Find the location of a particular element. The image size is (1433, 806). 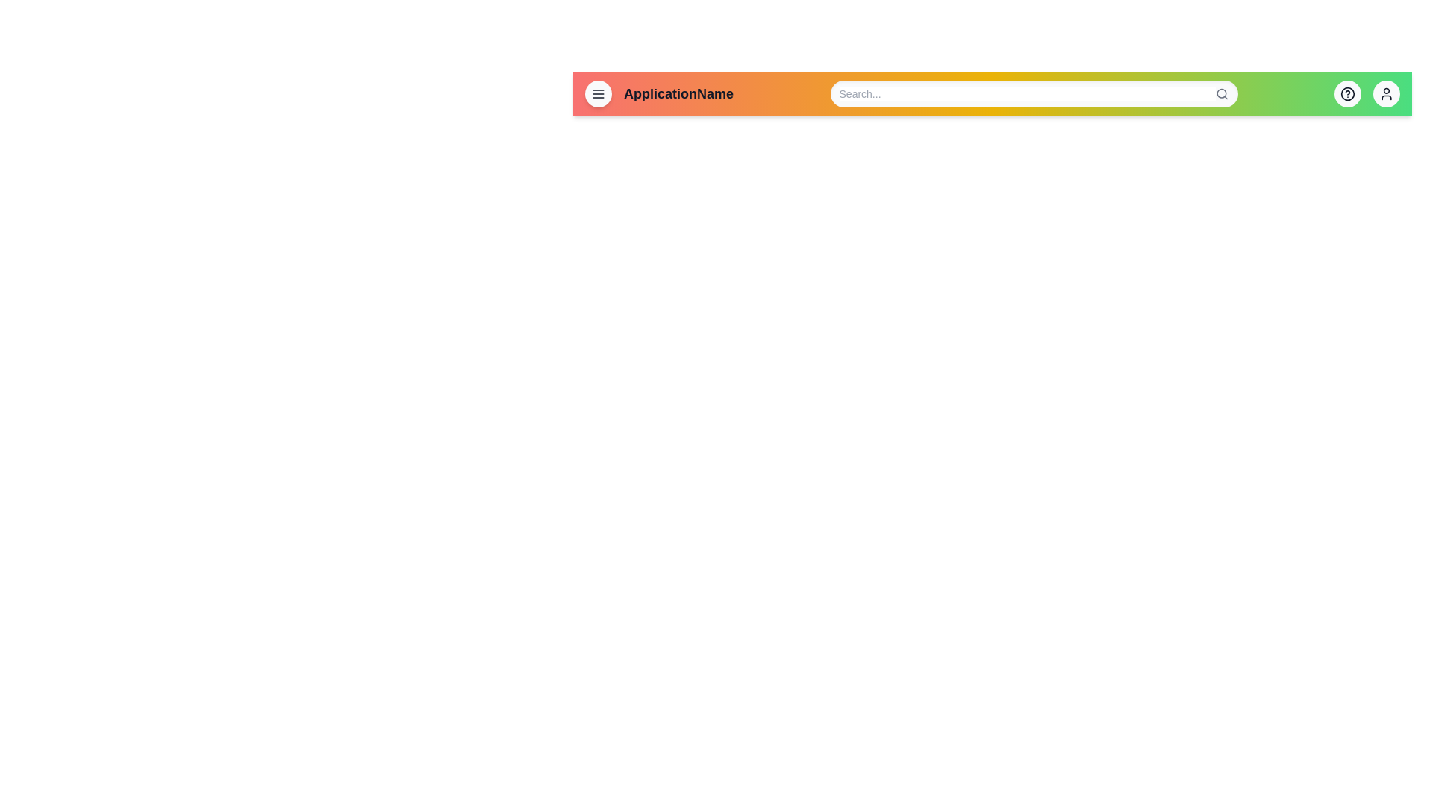

the help icon to access the help section is located at coordinates (1347, 94).